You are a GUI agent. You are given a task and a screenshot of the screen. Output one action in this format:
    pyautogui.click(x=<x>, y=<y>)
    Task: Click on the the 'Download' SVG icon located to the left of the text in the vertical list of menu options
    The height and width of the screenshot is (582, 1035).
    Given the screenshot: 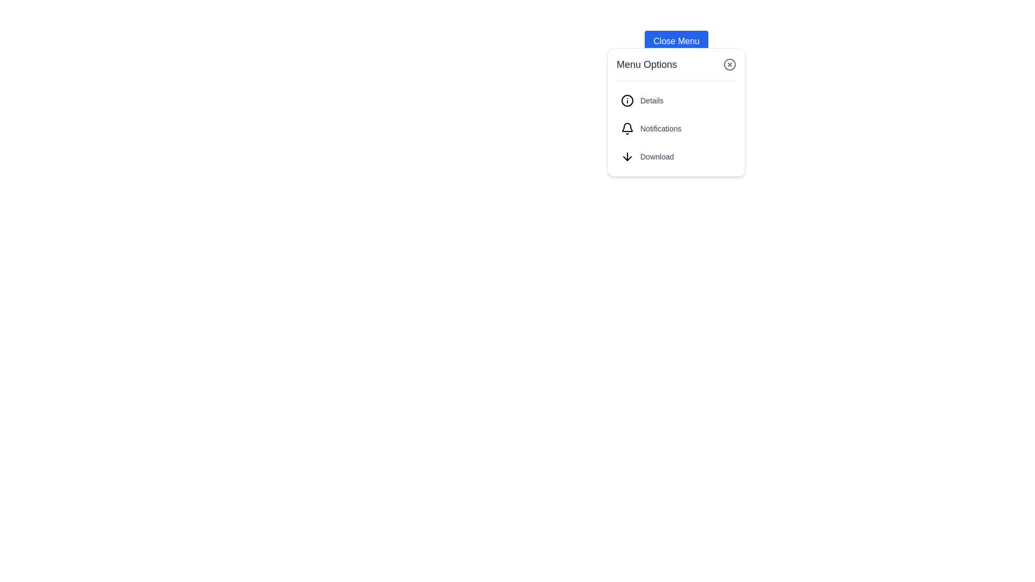 What is the action you would take?
    pyautogui.click(x=627, y=156)
    